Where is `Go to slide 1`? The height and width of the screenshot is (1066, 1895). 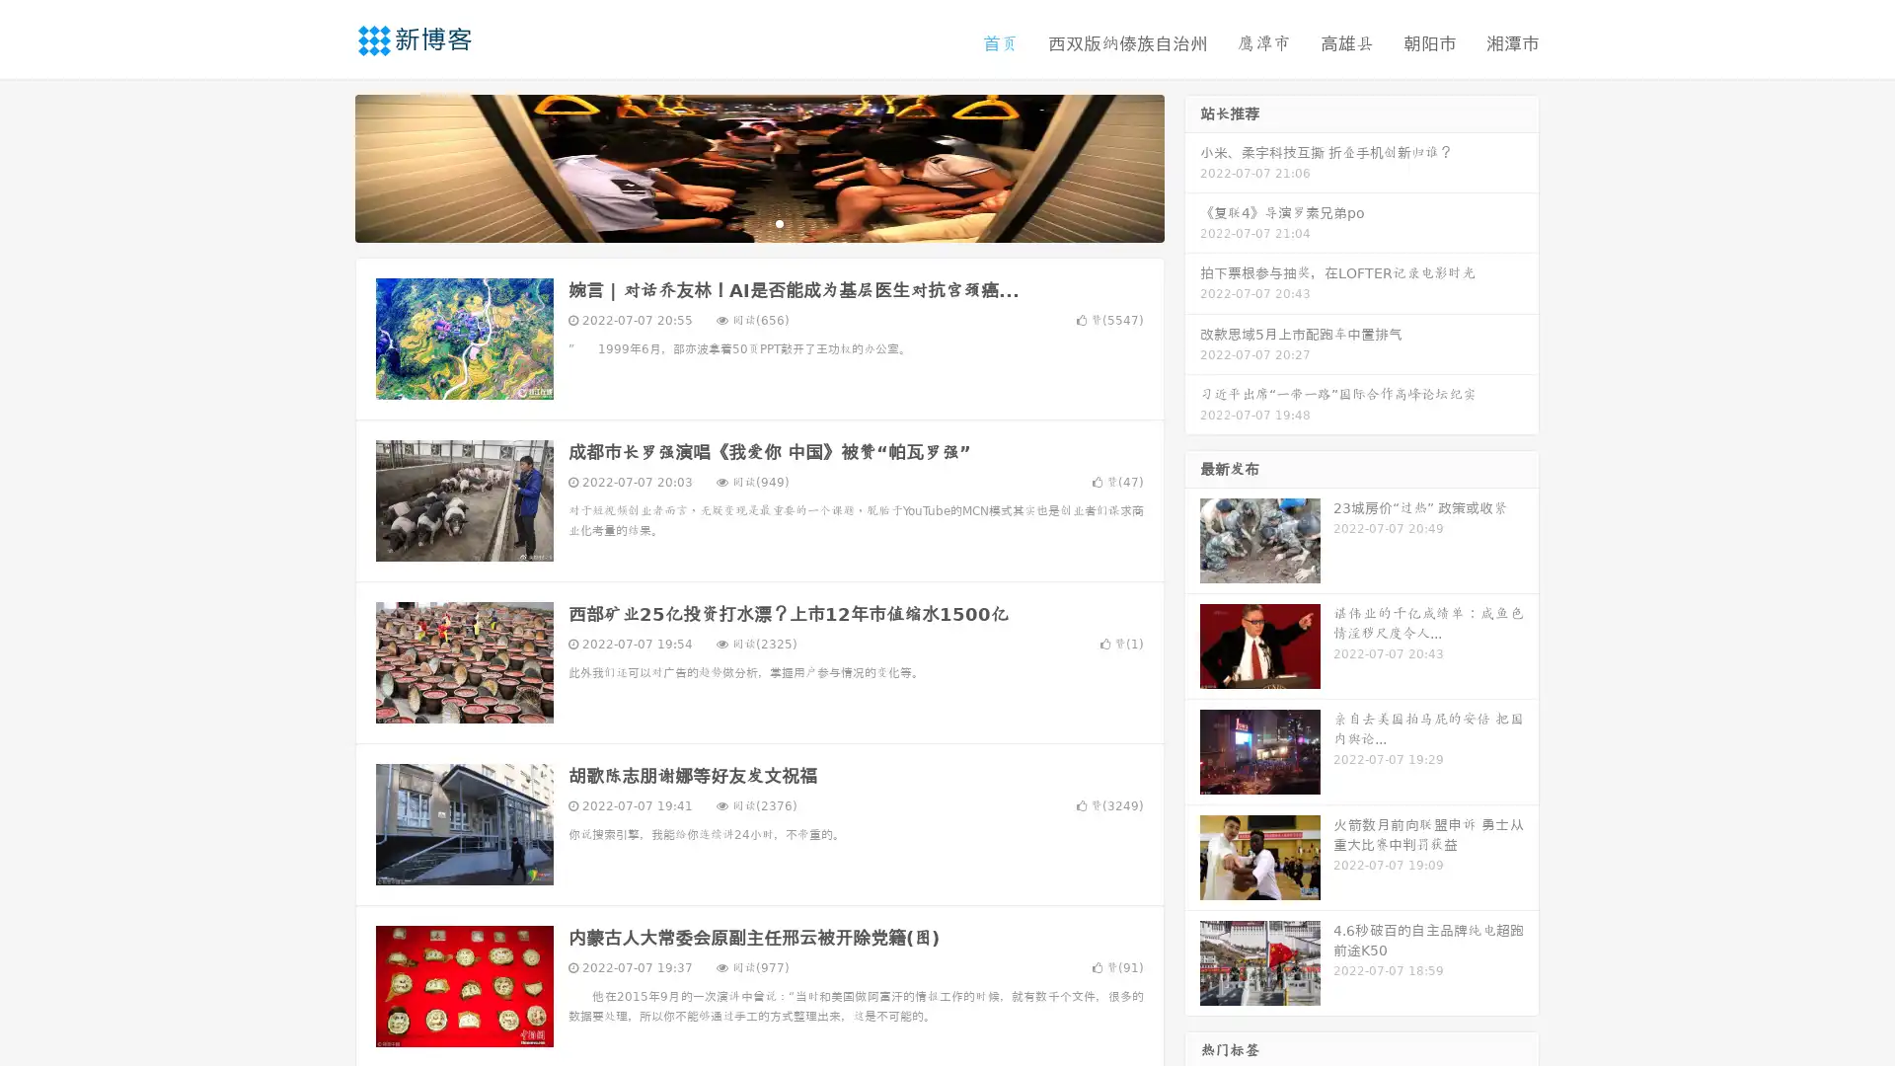
Go to slide 1 is located at coordinates (738, 222).